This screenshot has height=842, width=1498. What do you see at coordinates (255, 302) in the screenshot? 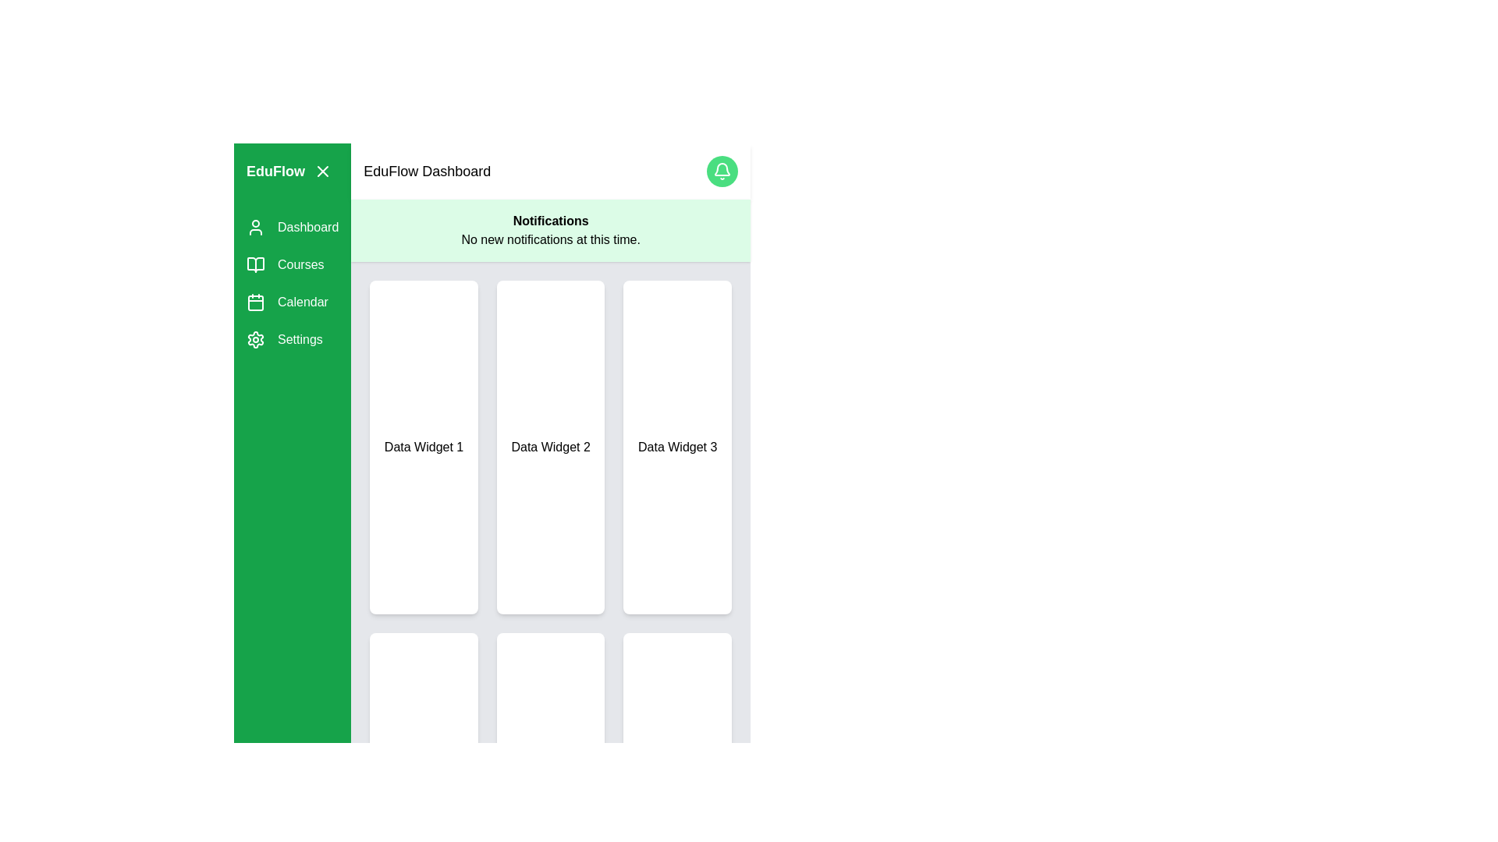
I see `the calendar icon with a green background and white outline, located in the third position on the left vertical menu, to interact with the Calendar menu item` at bounding box center [255, 302].